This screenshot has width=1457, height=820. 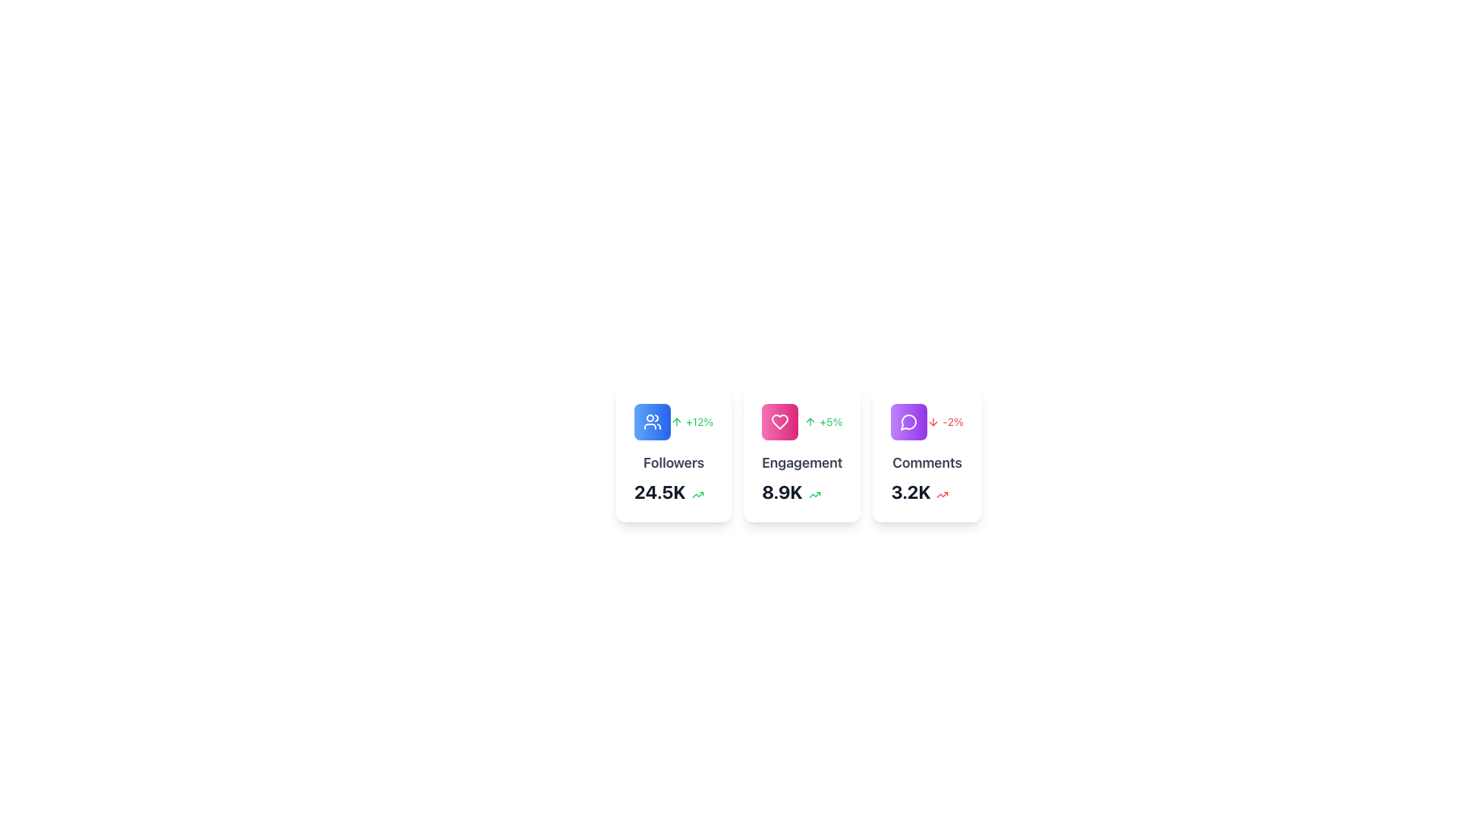 I want to click on the text label displaying '+5%' in green font, which is located within the 'Engagement' statistic card, positioned to the right of a green upward arrow symbol, so click(x=801, y=421).